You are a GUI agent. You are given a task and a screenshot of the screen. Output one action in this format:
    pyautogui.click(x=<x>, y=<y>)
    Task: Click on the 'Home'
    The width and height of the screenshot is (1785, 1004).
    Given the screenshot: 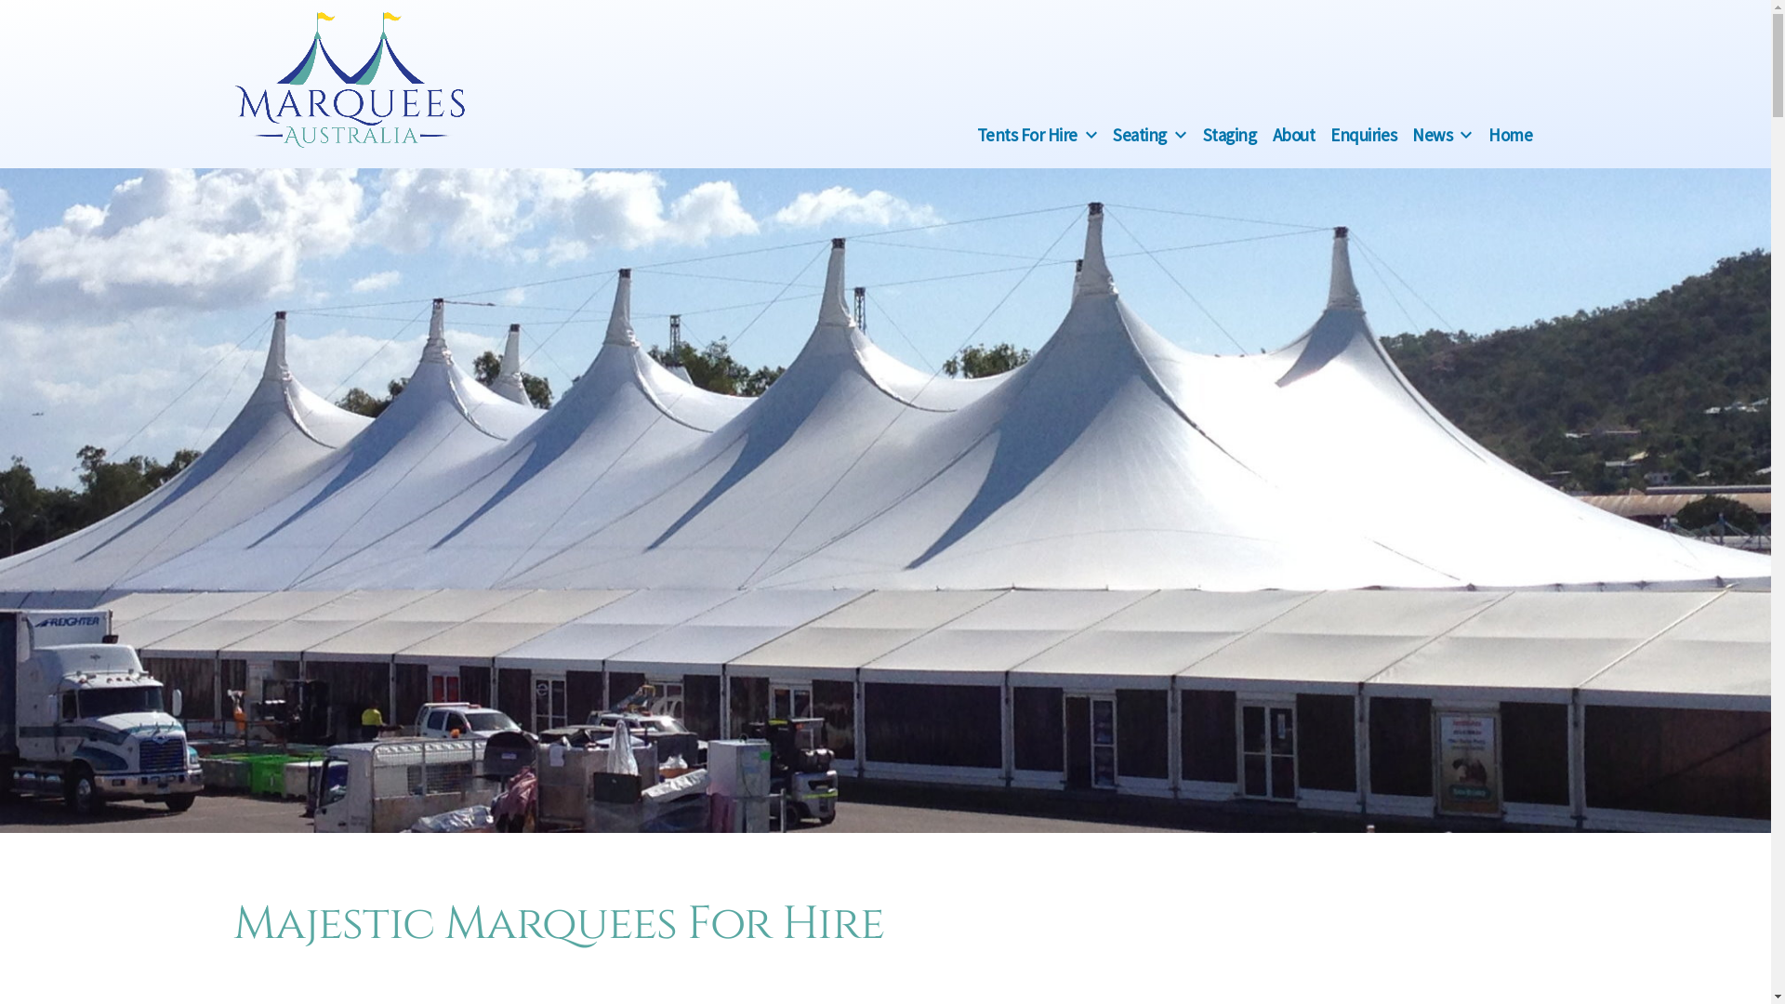 What is the action you would take?
    pyautogui.click(x=1488, y=132)
    